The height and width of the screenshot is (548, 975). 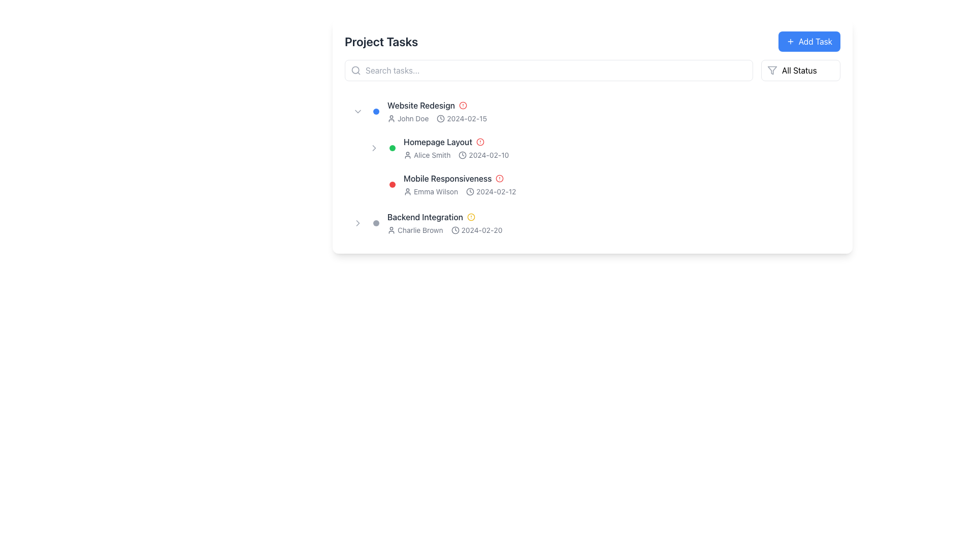 What do you see at coordinates (355, 70) in the screenshot?
I see `the circle element of the search icon located on the left side of the white search bar at the top of the 'Project Tasks' card` at bounding box center [355, 70].